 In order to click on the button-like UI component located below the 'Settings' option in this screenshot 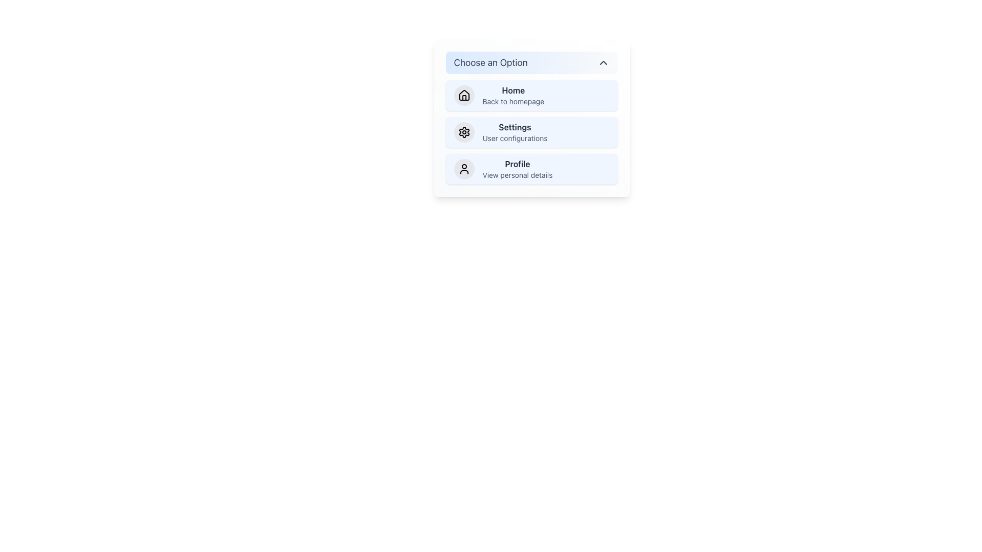, I will do `click(518, 169)`.